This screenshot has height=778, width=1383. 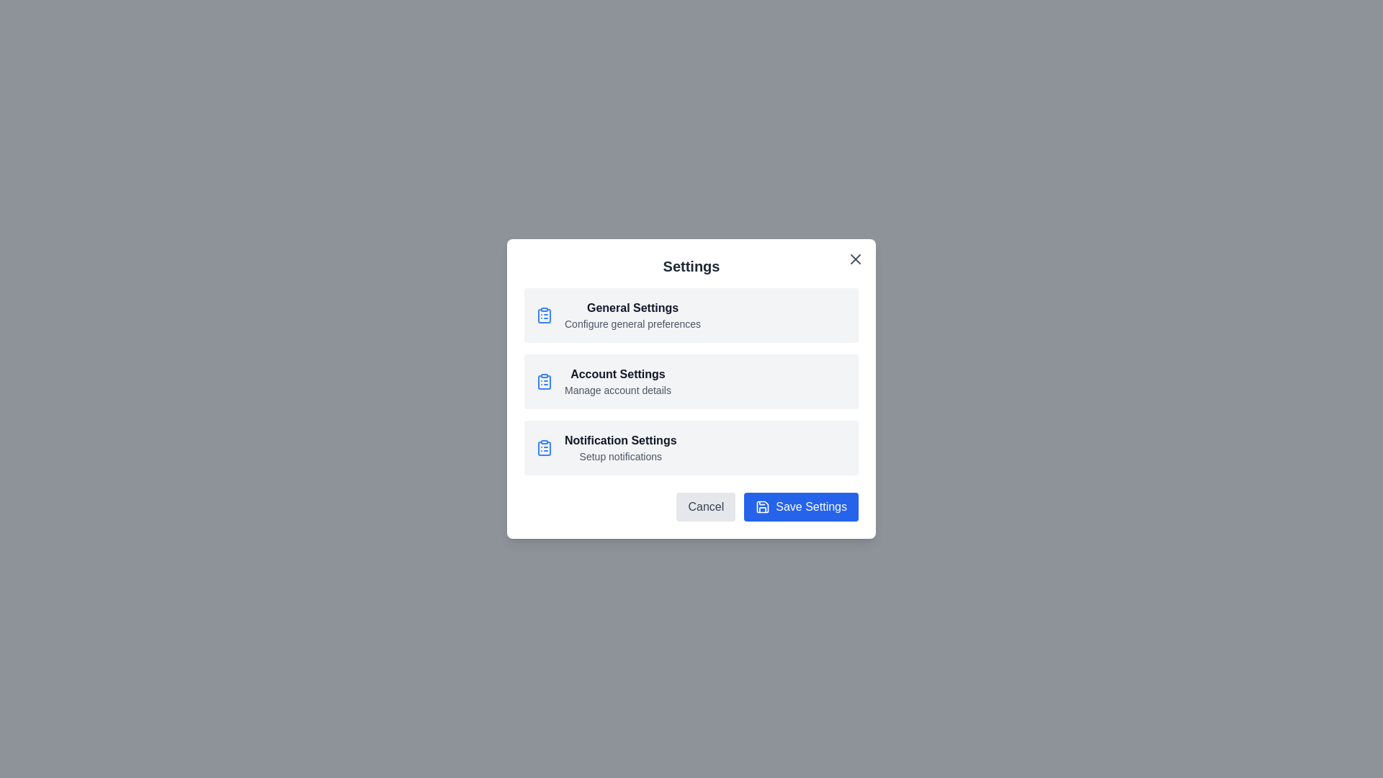 What do you see at coordinates (620, 456) in the screenshot?
I see `the static text element displaying 'Setup notifications', which is positioned beneath the bold text 'Notification Settings' within the modal box` at bounding box center [620, 456].